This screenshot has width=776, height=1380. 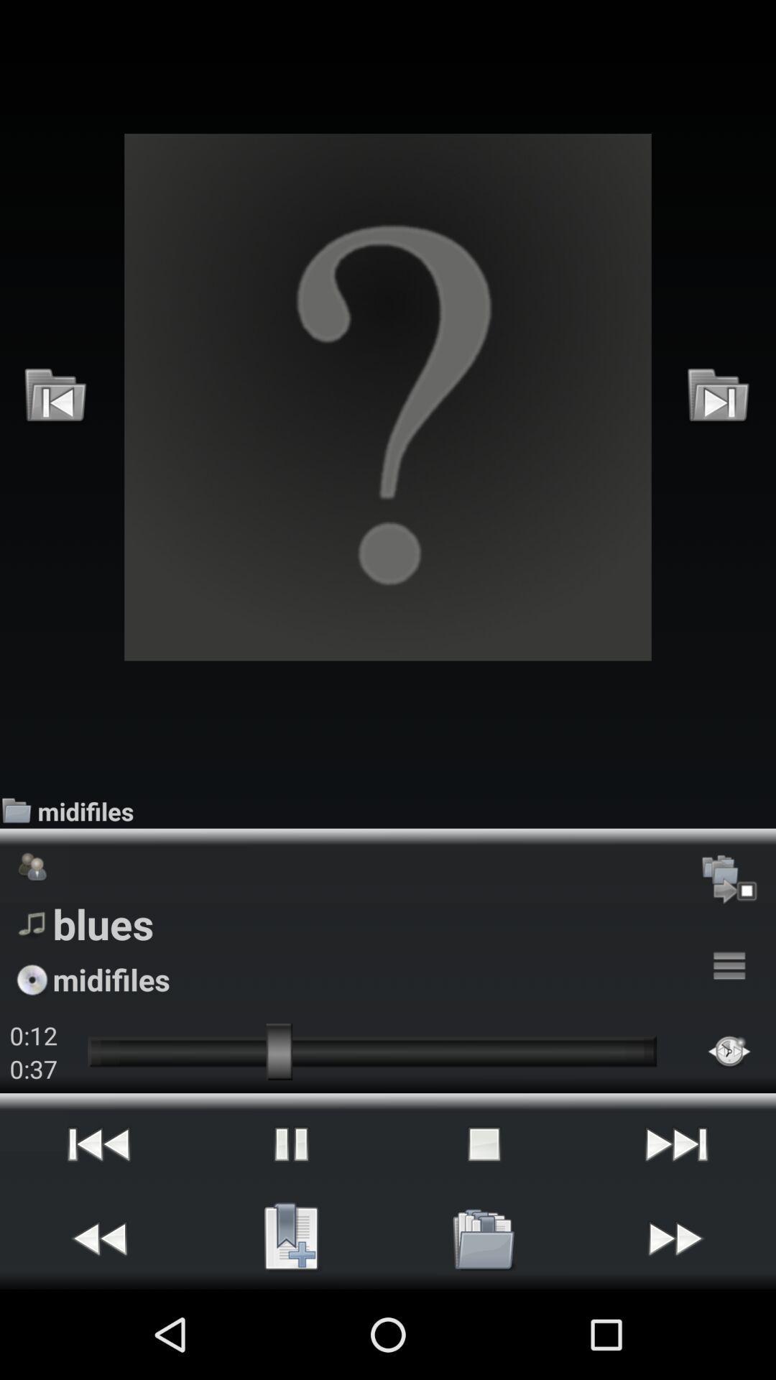 I want to click on the skip_previous icon, so click(x=55, y=424).